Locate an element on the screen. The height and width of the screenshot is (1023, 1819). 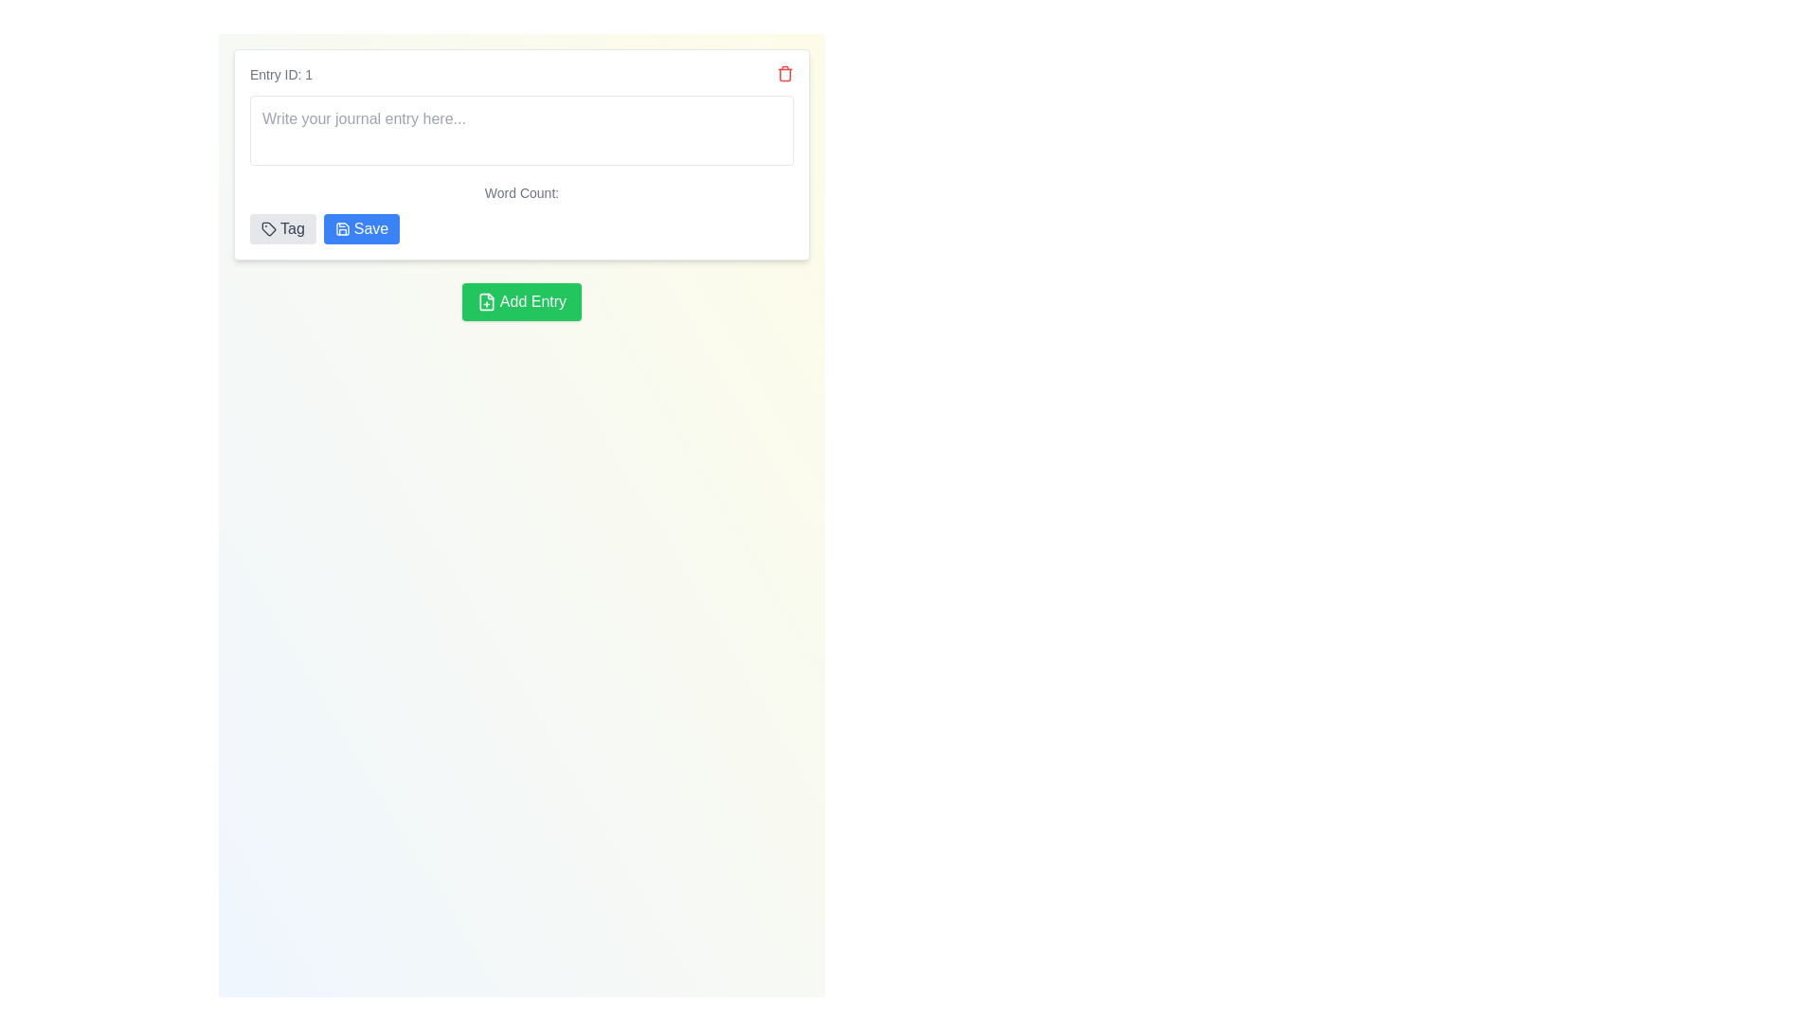
the 'Add Entry' SVG icon located on the left side of the green button is located at coordinates (486, 301).